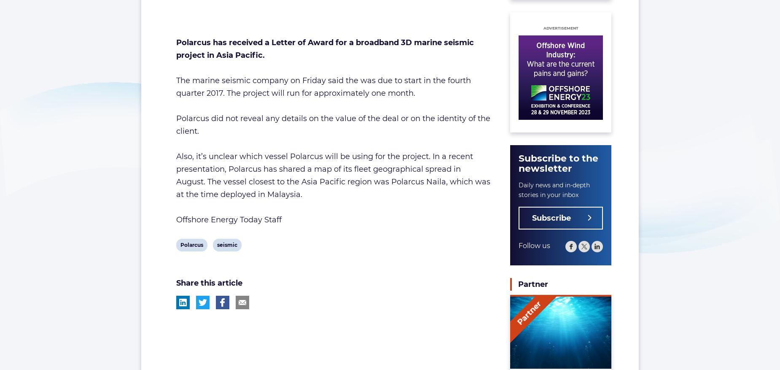  What do you see at coordinates (551, 217) in the screenshot?
I see `'Subscribe'` at bounding box center [551, 217].